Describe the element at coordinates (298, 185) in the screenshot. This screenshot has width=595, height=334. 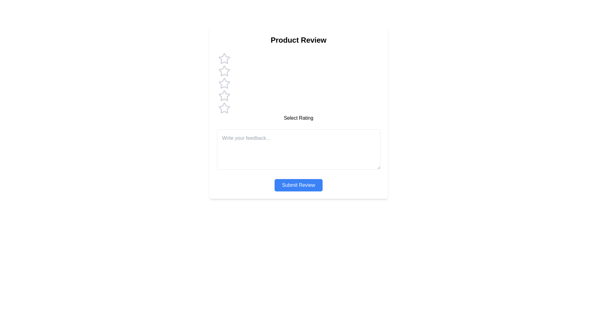
I see `the blue rectangular button with rounded corners labeled 'Submit Review' located centrally at the bottom of the card interface` at that location.